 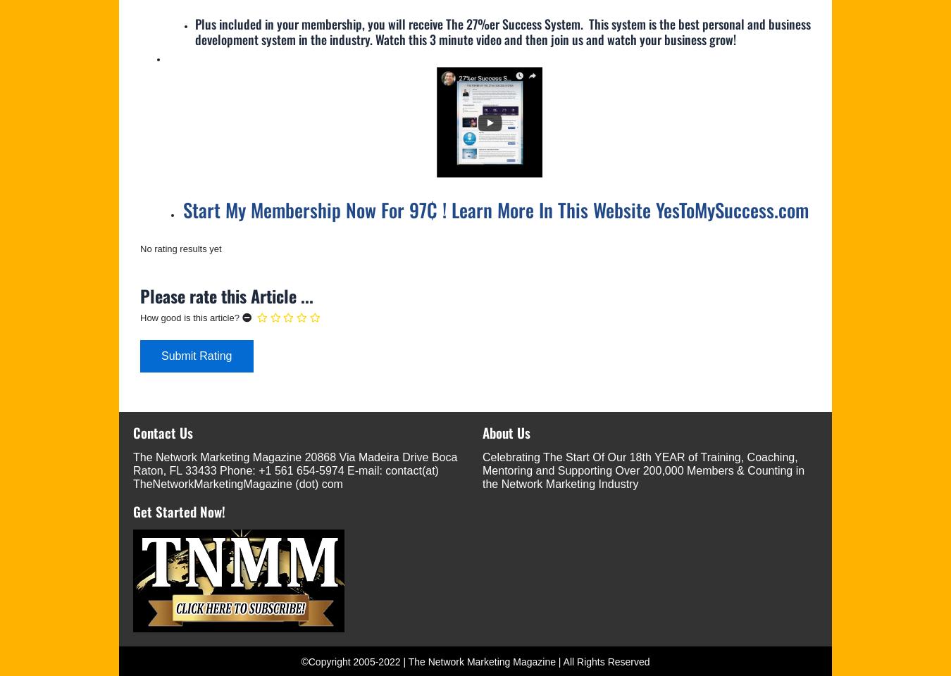 I want to click on 'How good is this article?', so click(x=189, y=318).